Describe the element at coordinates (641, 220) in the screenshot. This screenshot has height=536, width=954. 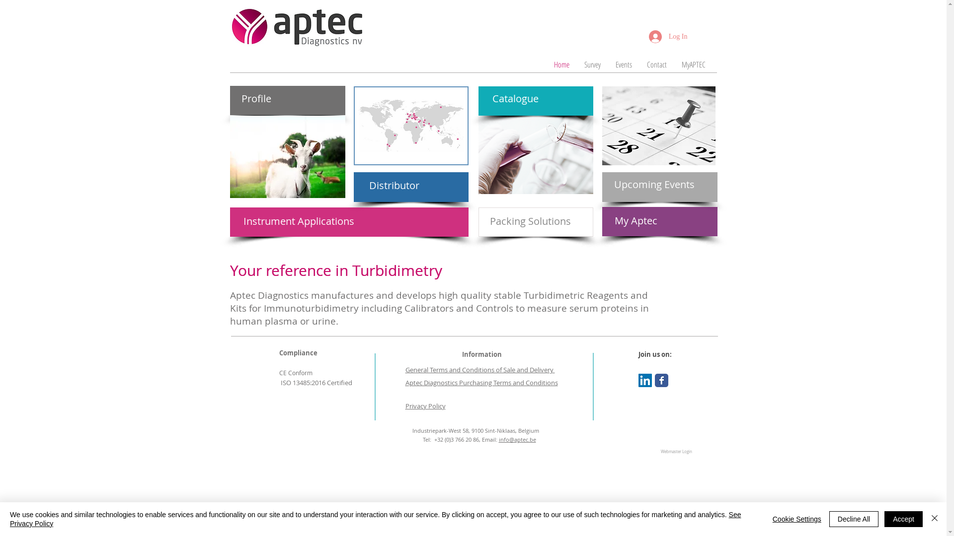
I see `'My Aptec'` at that location.